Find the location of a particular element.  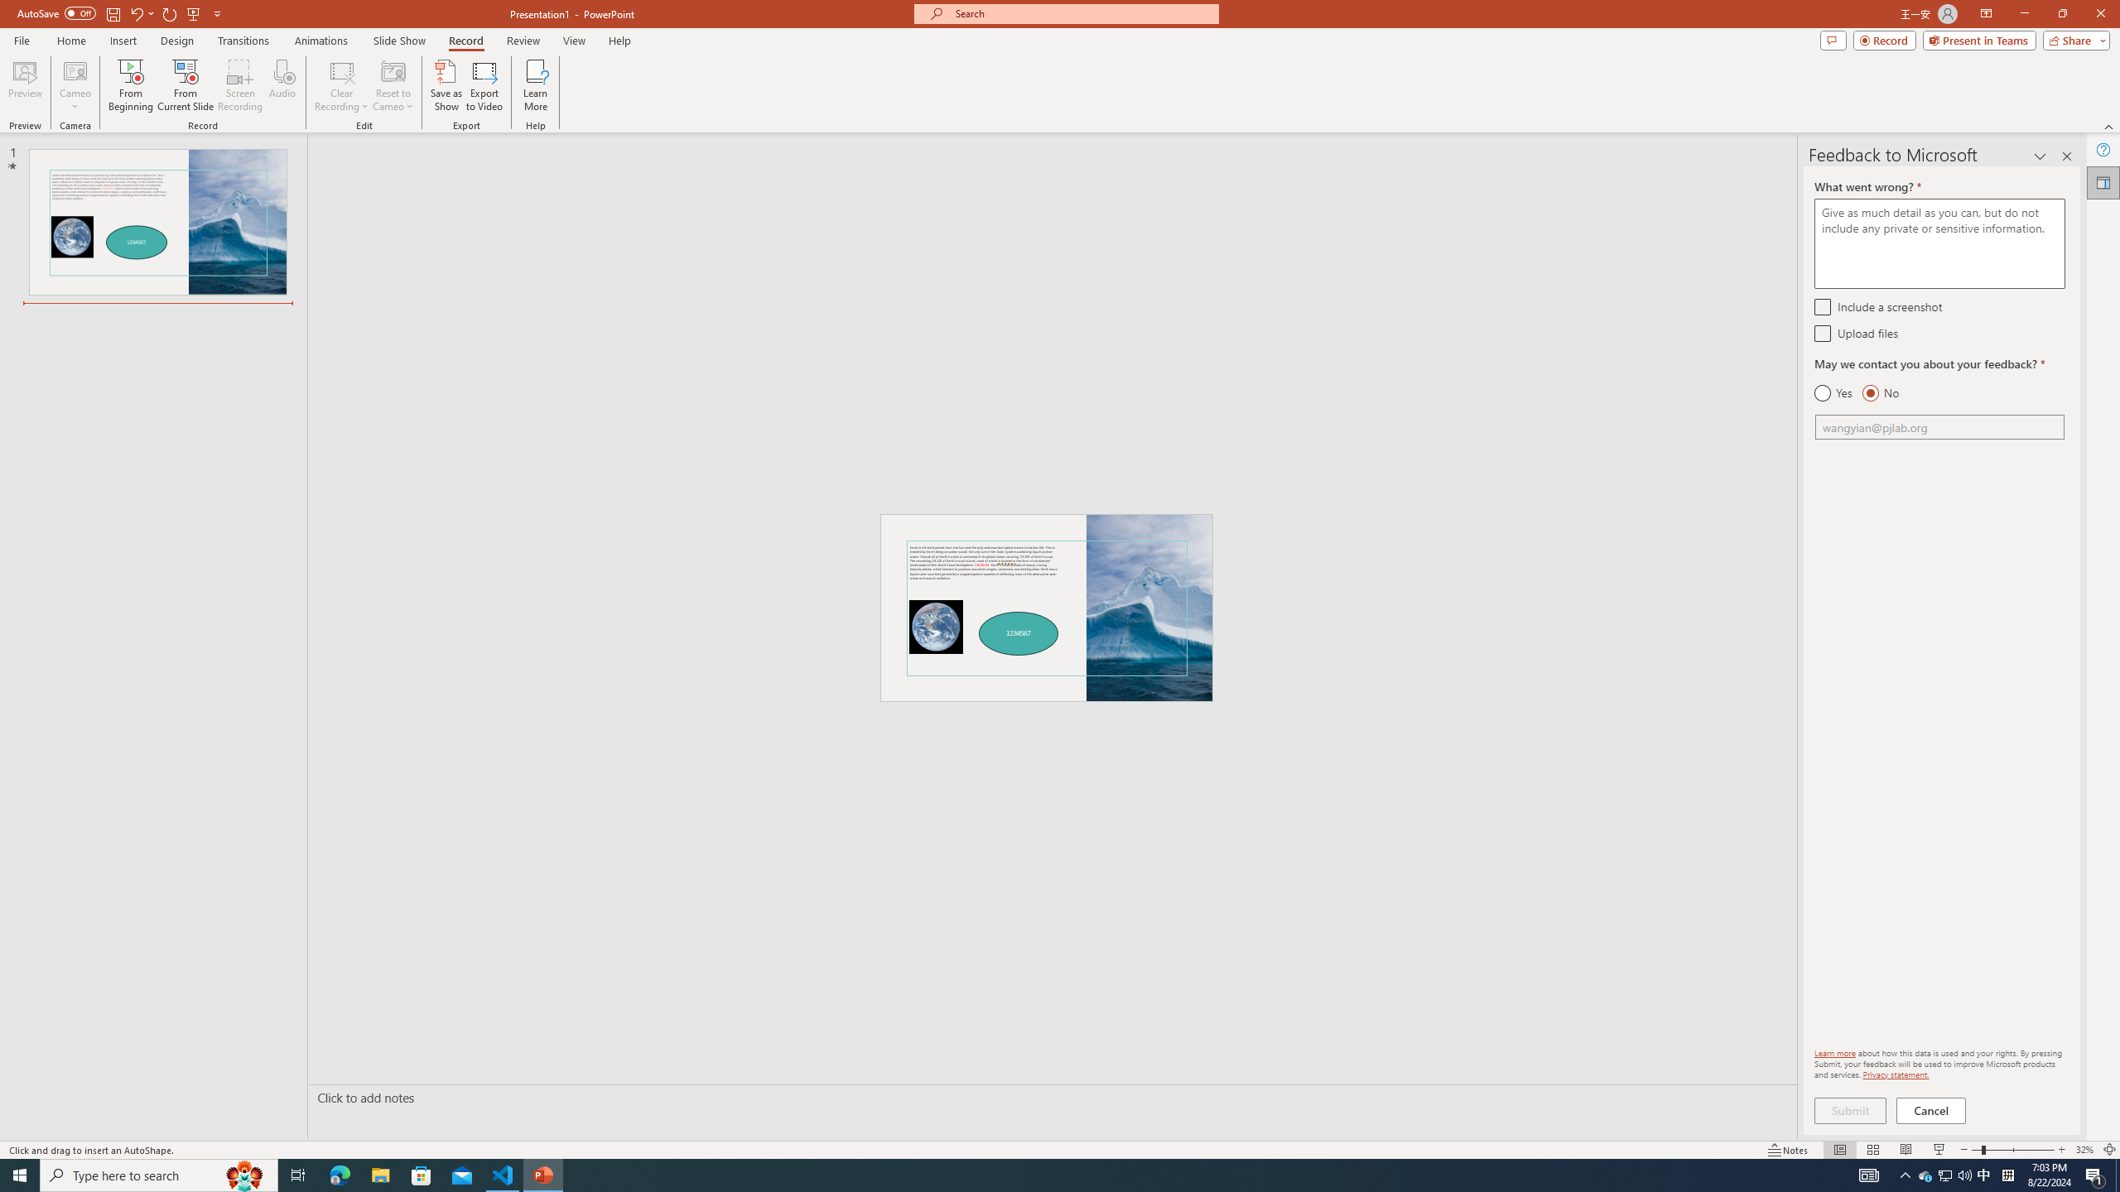

'Clear Recording' is located at coordinates (341, 85).